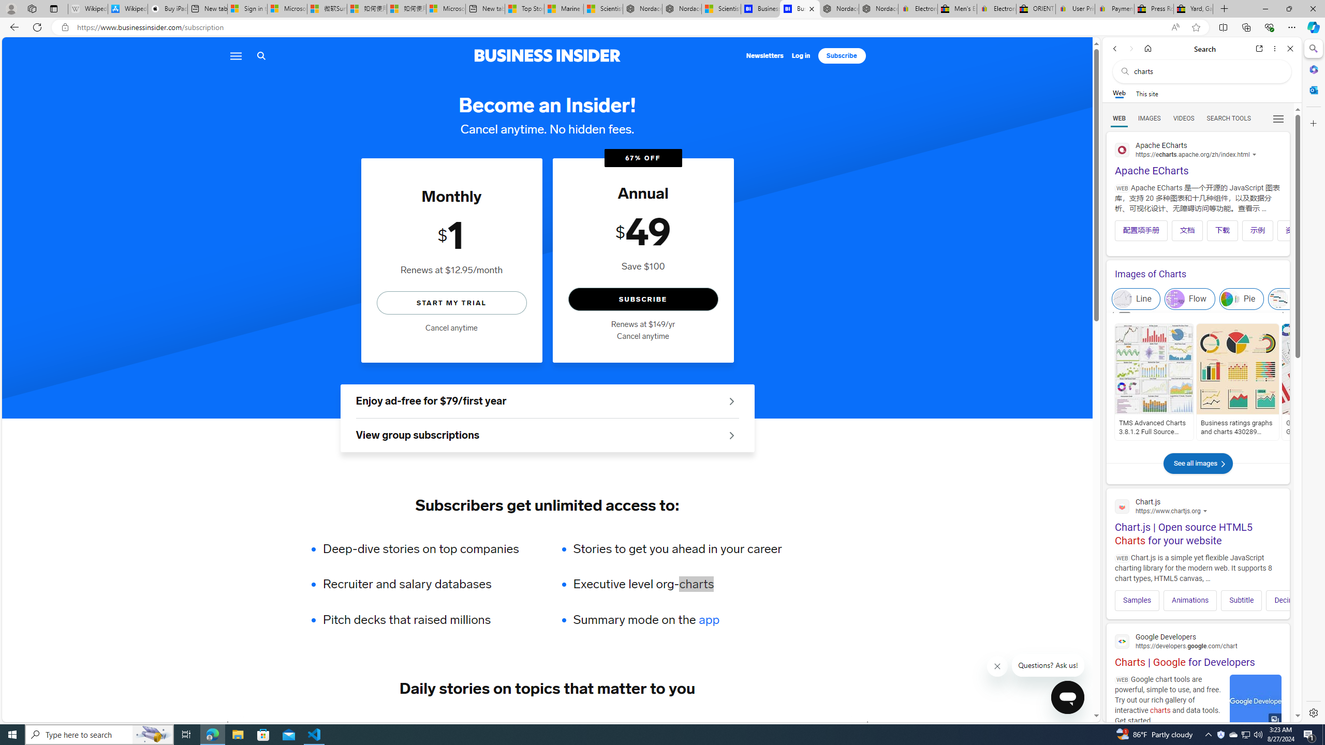 The height and width of the screenshot is (745, 1325). Describe the element at coordinates (1241, 600) in the screenshot. I see `'Subtitle'` at that location.